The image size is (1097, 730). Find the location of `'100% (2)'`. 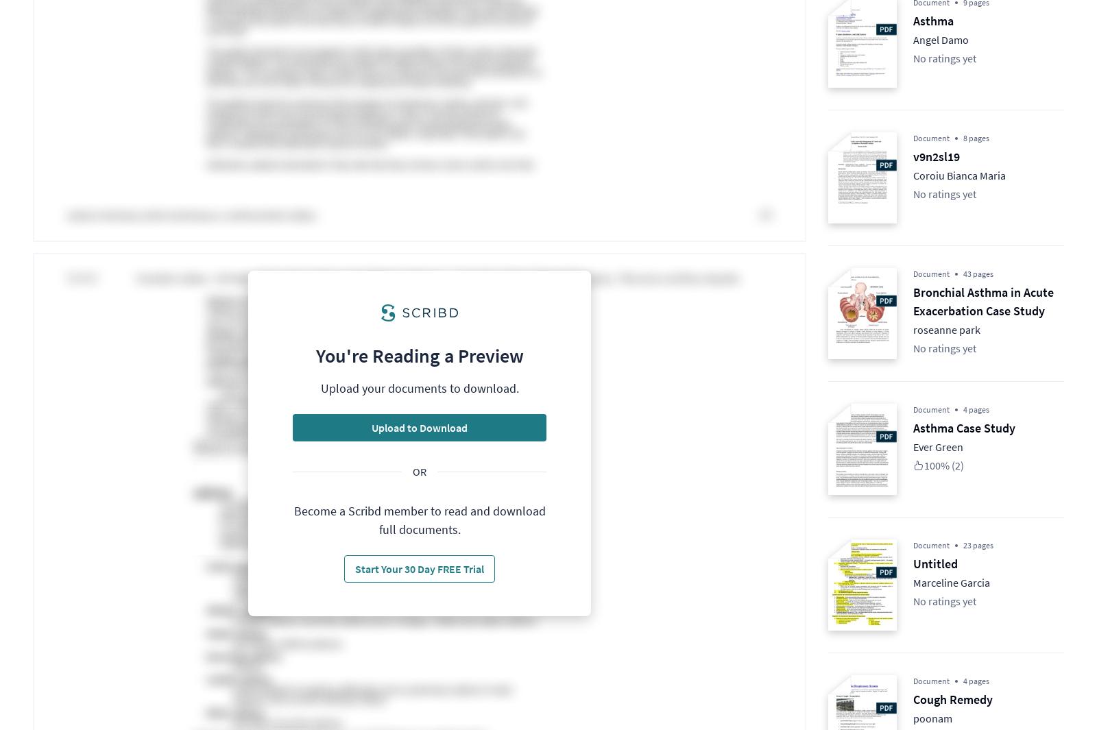

'100% (2)' is located at coordinates (943, 465).